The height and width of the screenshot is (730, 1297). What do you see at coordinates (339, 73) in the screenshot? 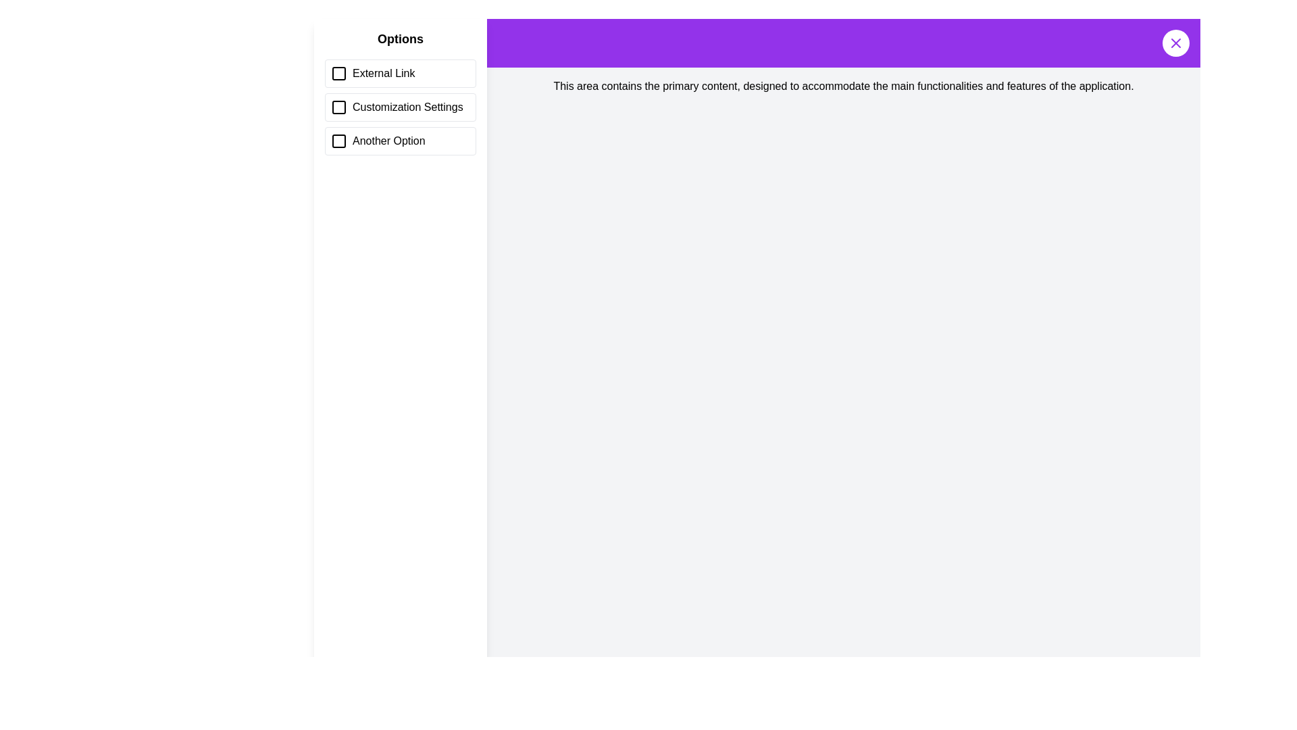
I see `the graphical icon indicating a checkbox located to the left of the 'External Link' label in the options list` at bounding box center [339, 73].